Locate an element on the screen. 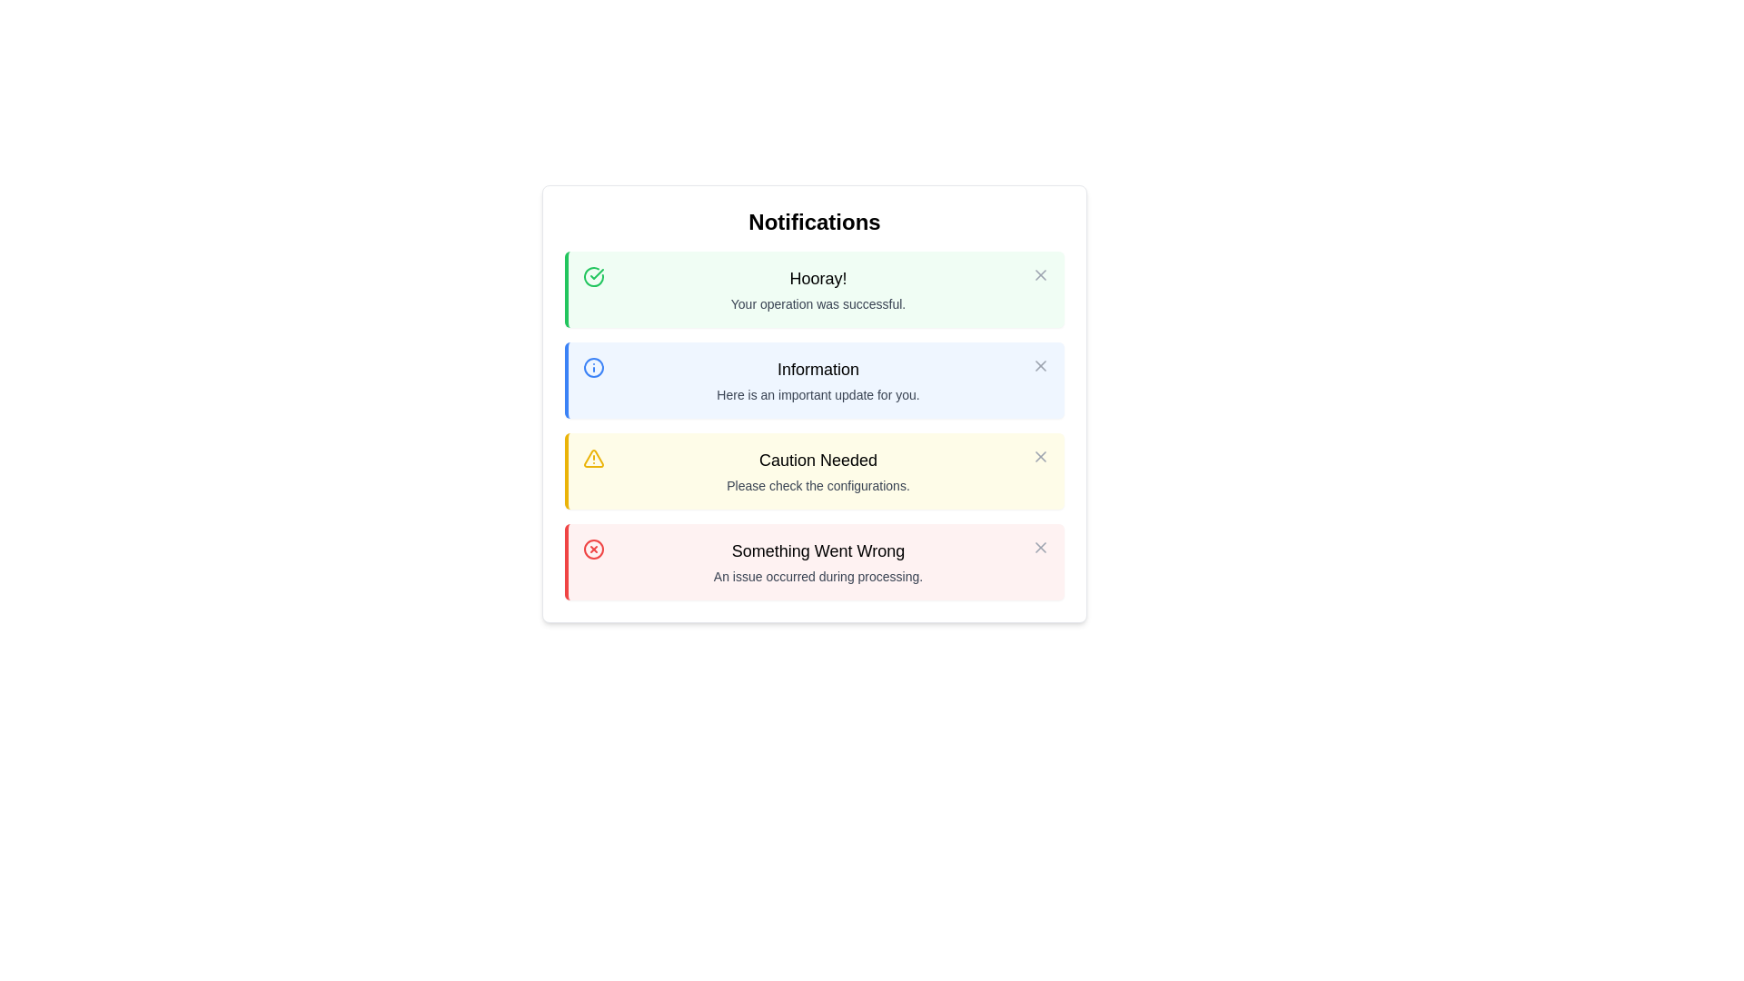  warning message displayed in the Notification box with the text 'Caution Needed' in bold and 'Please check the configurations.' in a smaller font is located at coordinates (817, 471).